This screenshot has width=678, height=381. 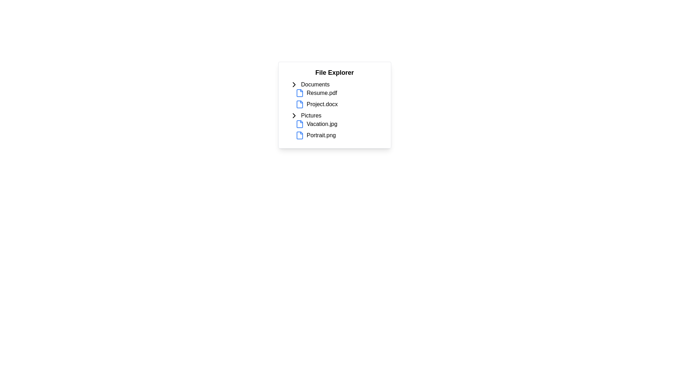 I want to click on the Chevron/Arrow Icon next to the 'Pictures' text, so click(x=294, y=115).